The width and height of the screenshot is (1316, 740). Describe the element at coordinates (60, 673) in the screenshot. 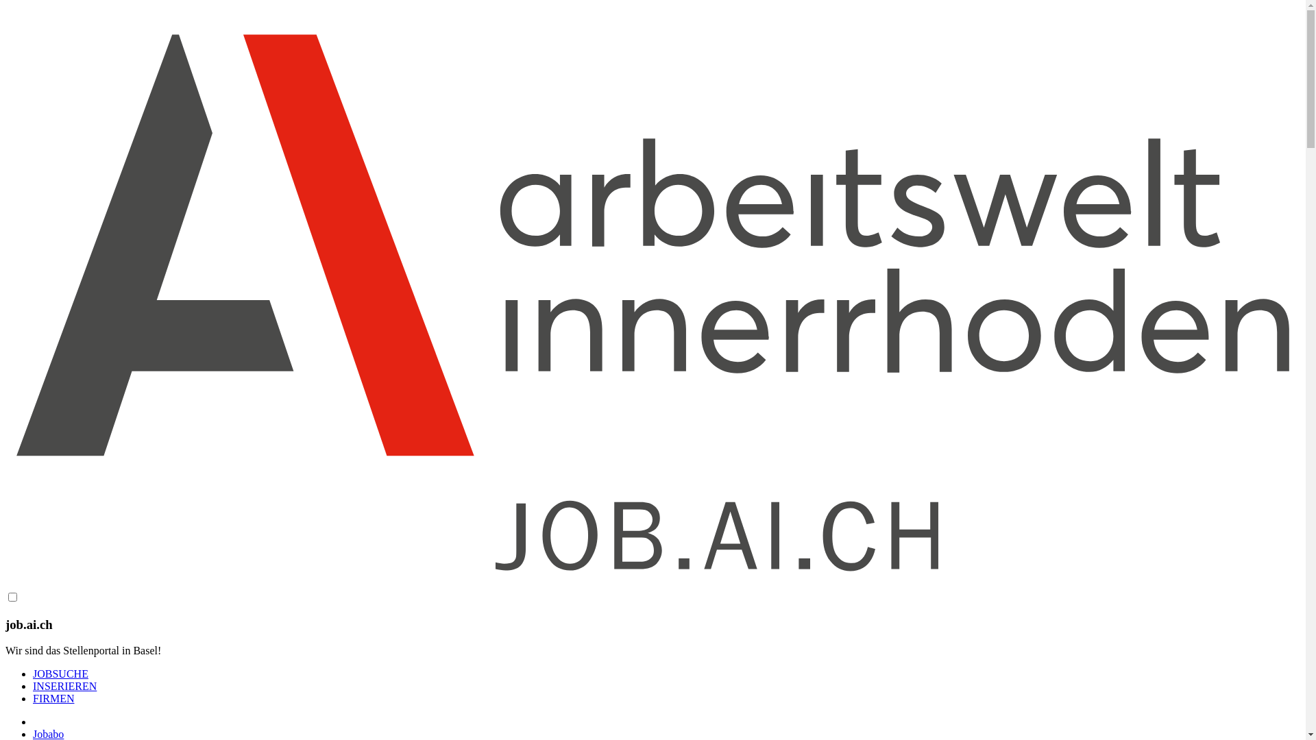

I see `'JOBSUCHE'` at that location.